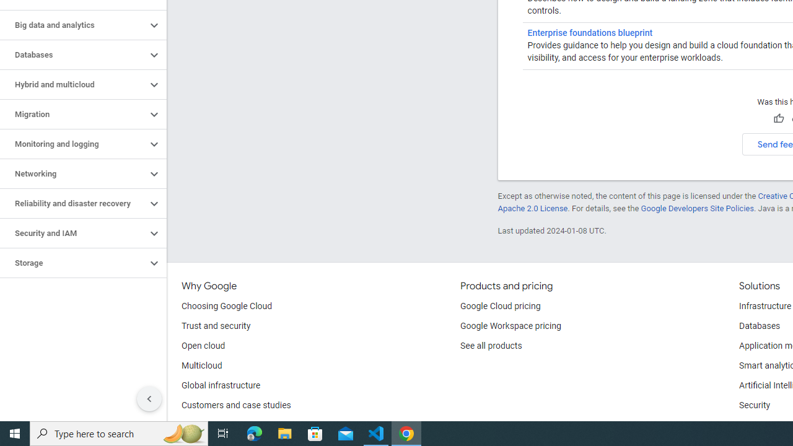  What do you see at coordinates (227, 307) in the screenshot?
I see `'Choosing Google Cloud'` at bounding box center [227, 307].